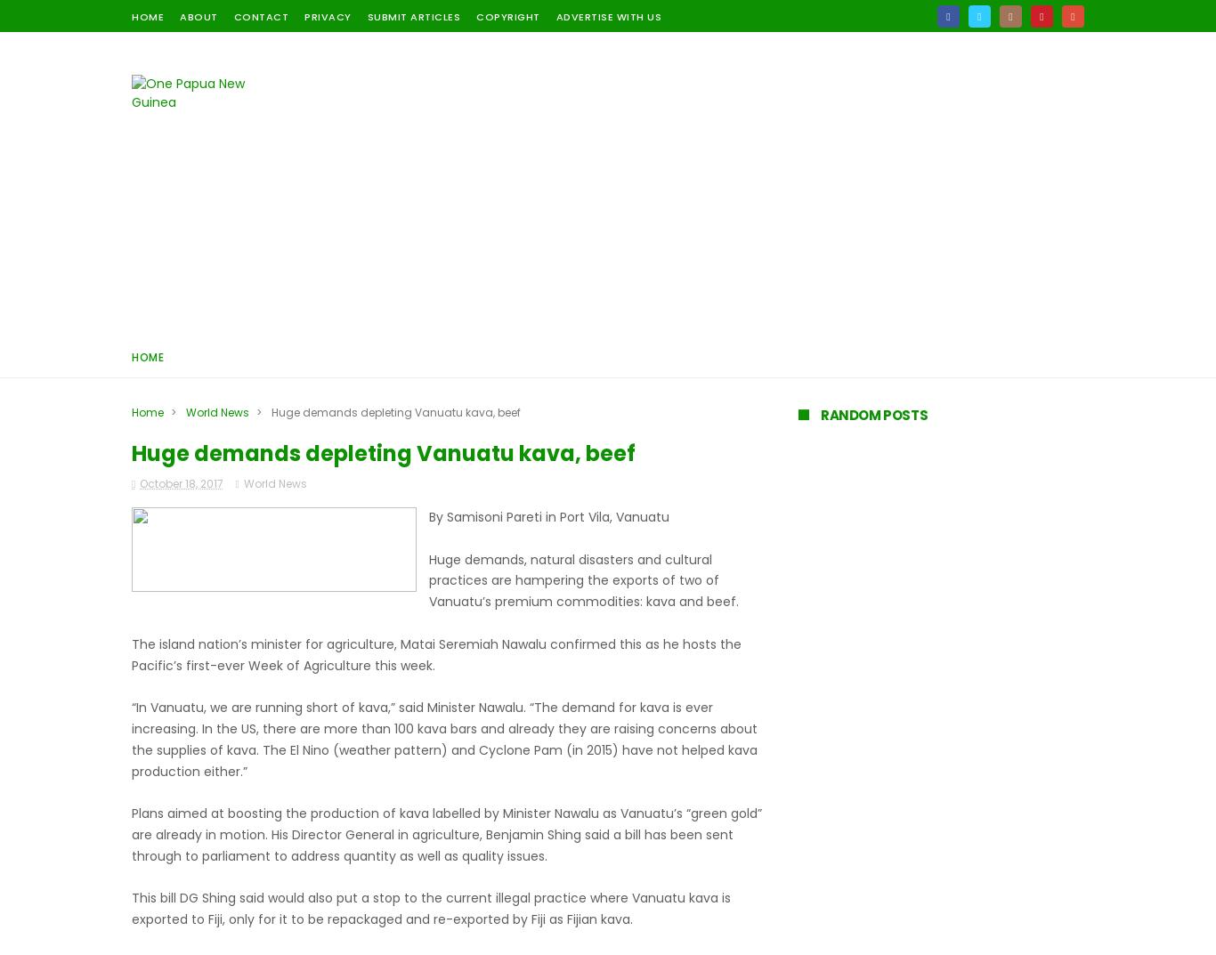 The image size is (1216, 955). I want to click on '“In Vanuatu, we are running short of kava,” said Minister Nawalu. “The demand for kava is ever increasing. In the US, there are more than 100 kava bars and already they are raising concerns about the supplies of kava. The El Nino (weather pattern) and Cyclone Pam (in 2015) have not helped kava production either.”', so click(444, 739).